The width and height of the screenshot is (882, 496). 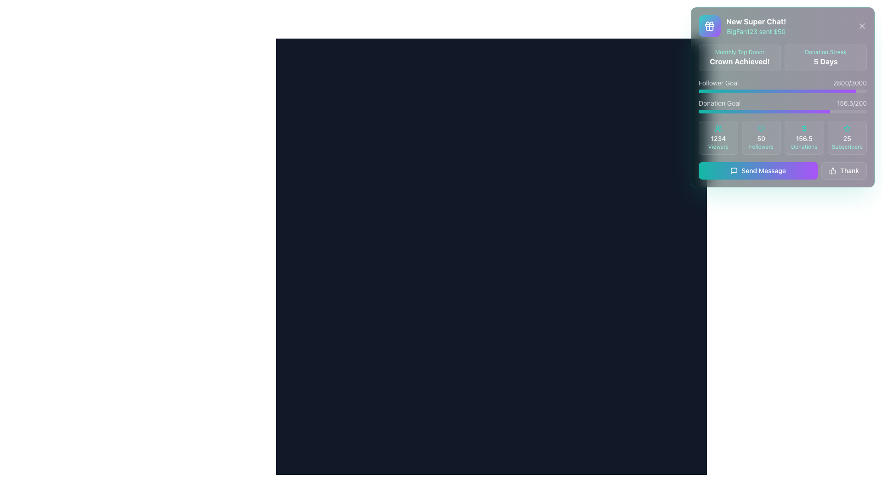 I want to click on the static text label indicating donation progress information located in the top-right region of the interface, so click(x=719, y=103).